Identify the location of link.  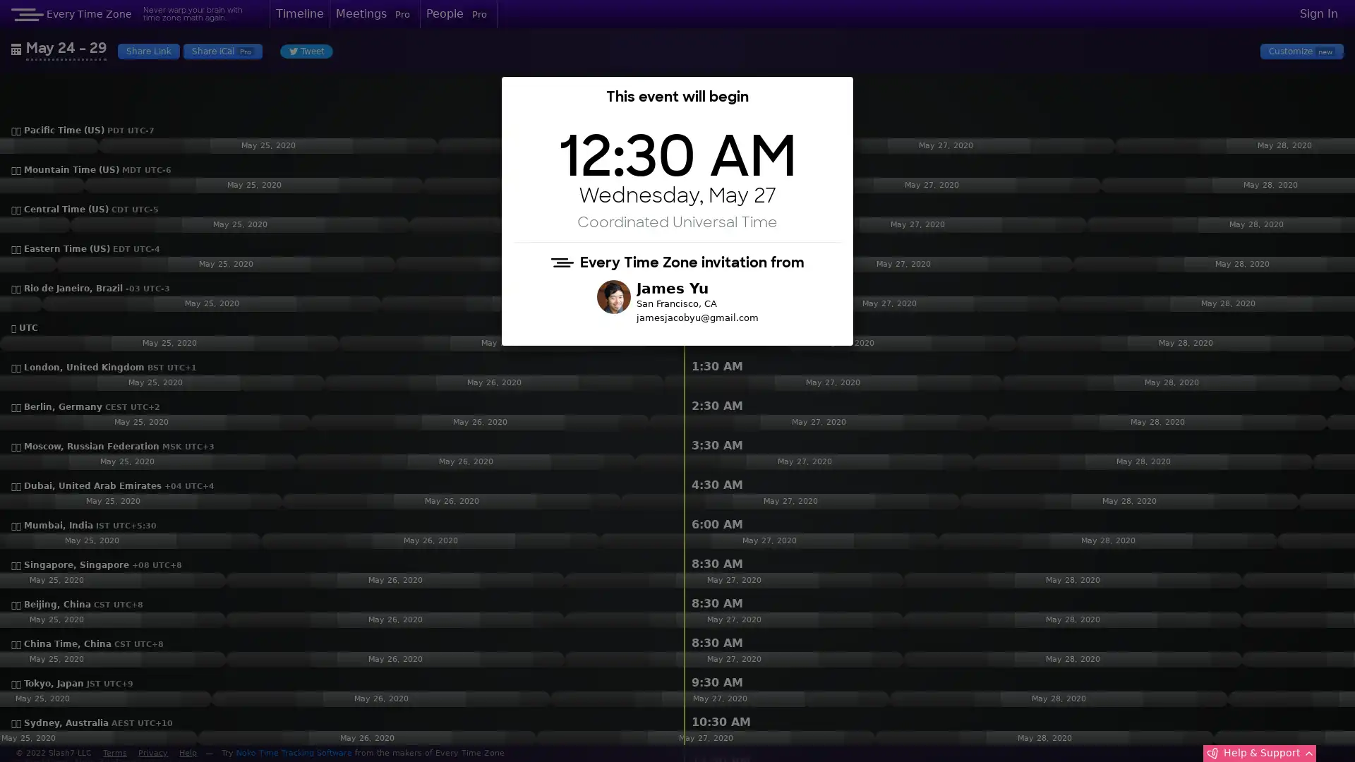
(732, 95).